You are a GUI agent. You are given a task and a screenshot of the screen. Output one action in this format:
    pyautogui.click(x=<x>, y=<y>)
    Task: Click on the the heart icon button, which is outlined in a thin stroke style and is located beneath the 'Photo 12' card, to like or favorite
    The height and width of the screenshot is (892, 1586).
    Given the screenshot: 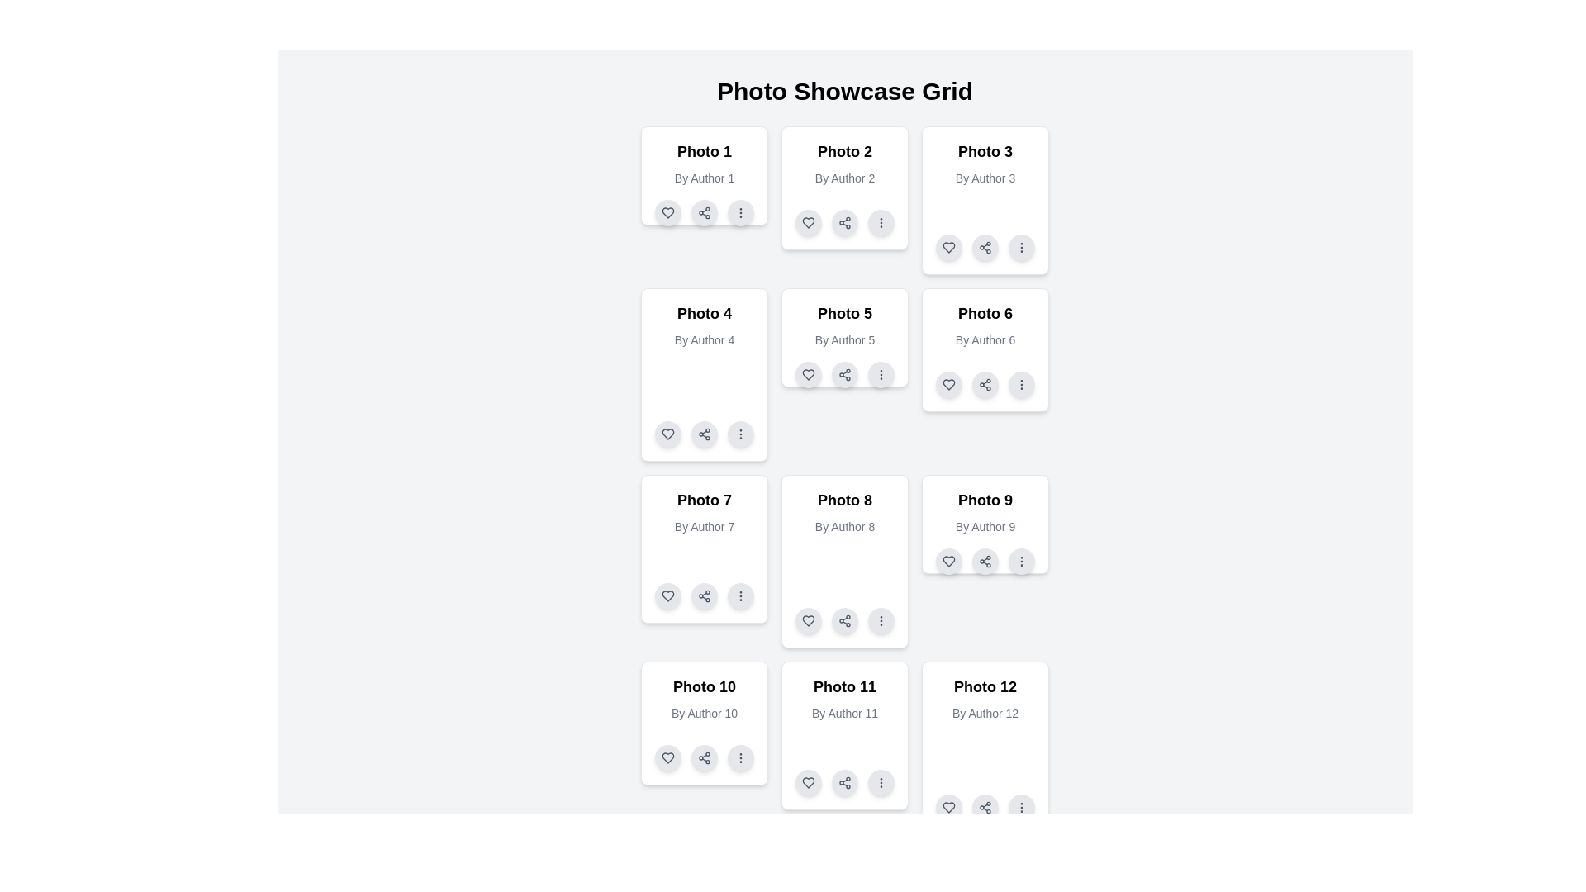 What is the action you would take?
    pyautogui.click(x=948, y=807)
    